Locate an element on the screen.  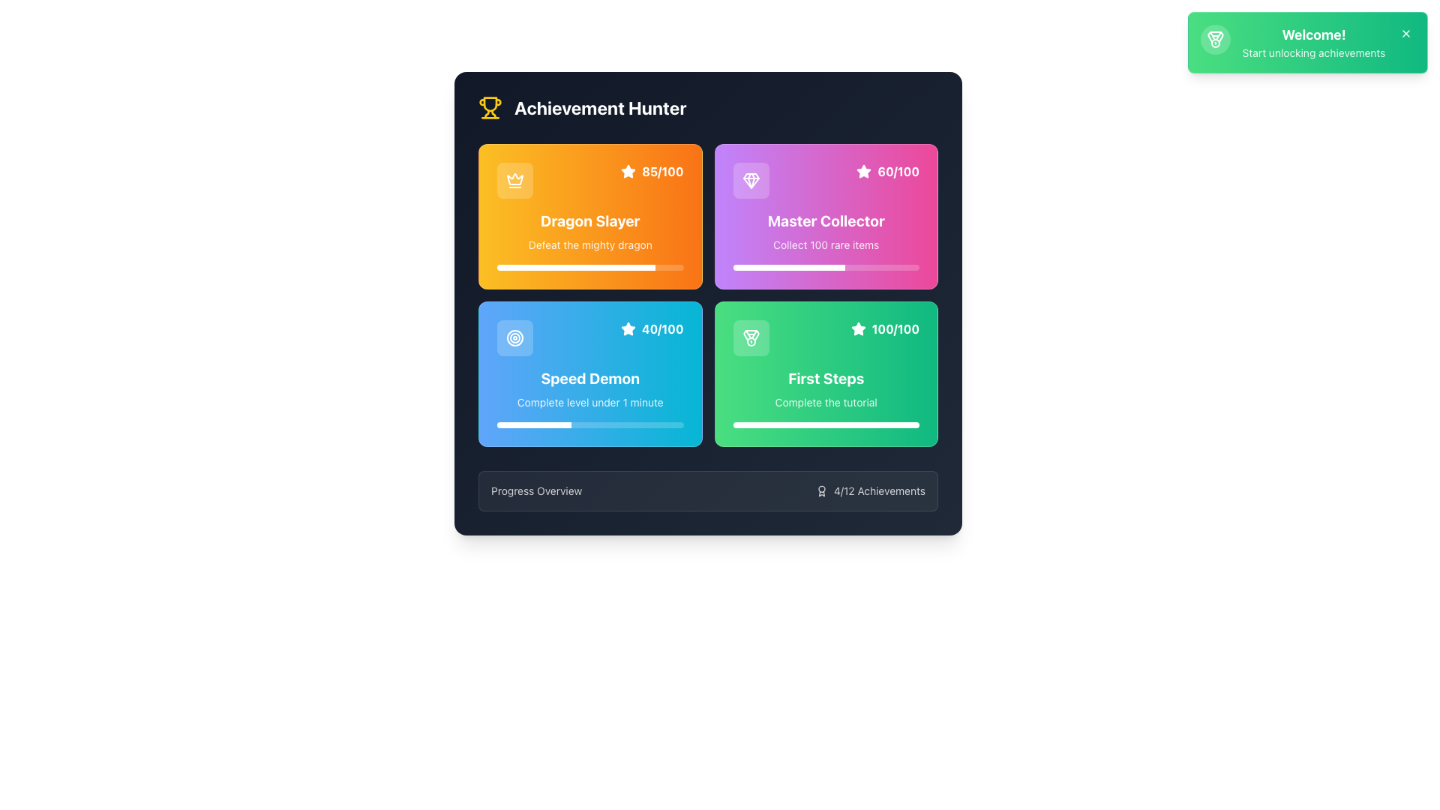
the progress of the 'Dragon Slayer' achievement is located at coordinates (582, 267).